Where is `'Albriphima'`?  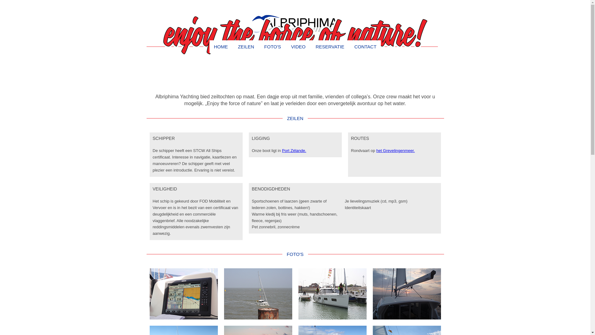
'Albriphima' is located at coordinates (295, 25).